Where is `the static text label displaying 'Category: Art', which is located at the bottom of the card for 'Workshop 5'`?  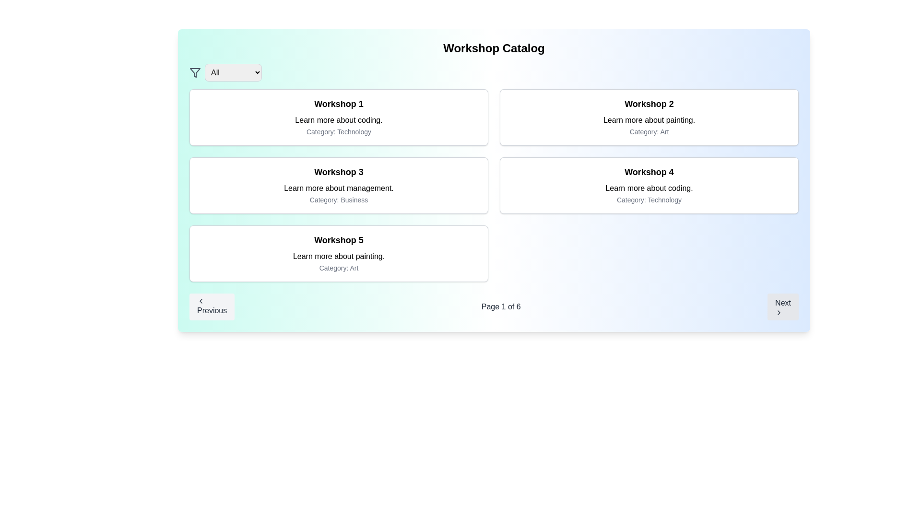
the static text label displaying 'Category: Art', which is located at the bottom of the card for 'Workshop 5' is located at coordinates (339, 268).